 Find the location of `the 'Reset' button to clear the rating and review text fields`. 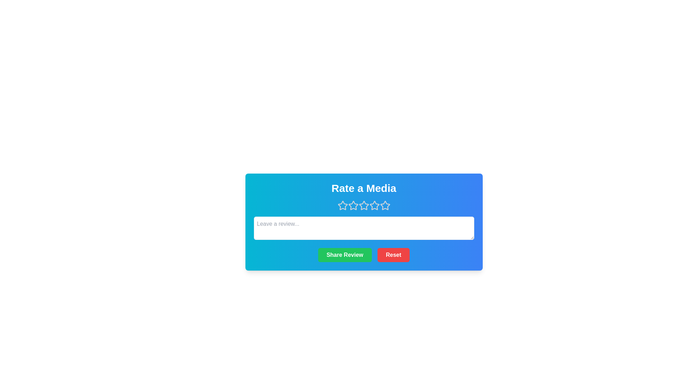

the 'Reset' button to clear the rating and review text fields is located at coordinates (393, 255).